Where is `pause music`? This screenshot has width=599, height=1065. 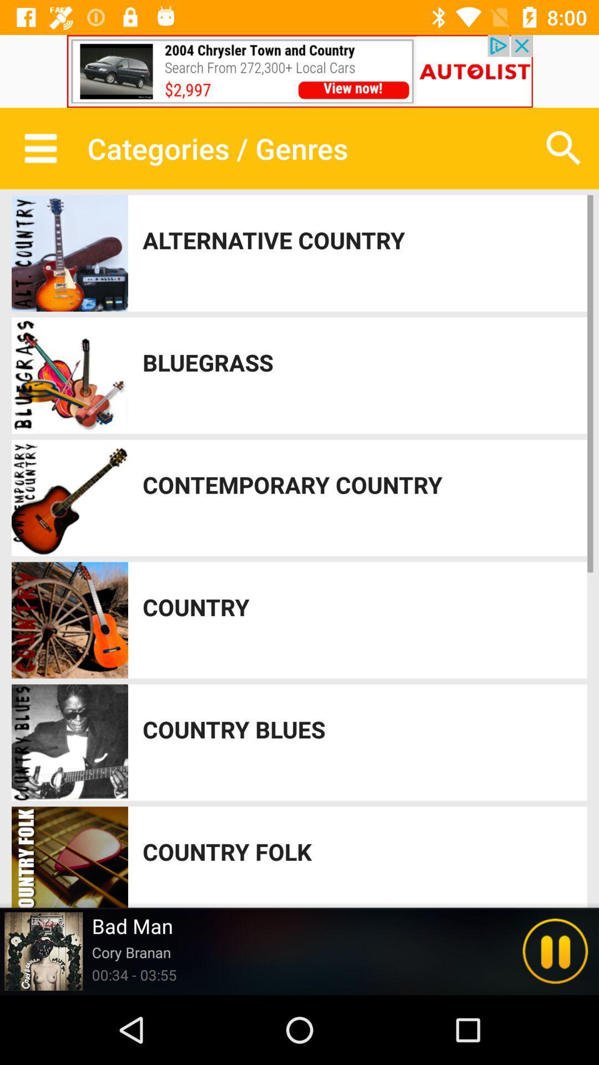 pause music is located at coordinates (555, 951).